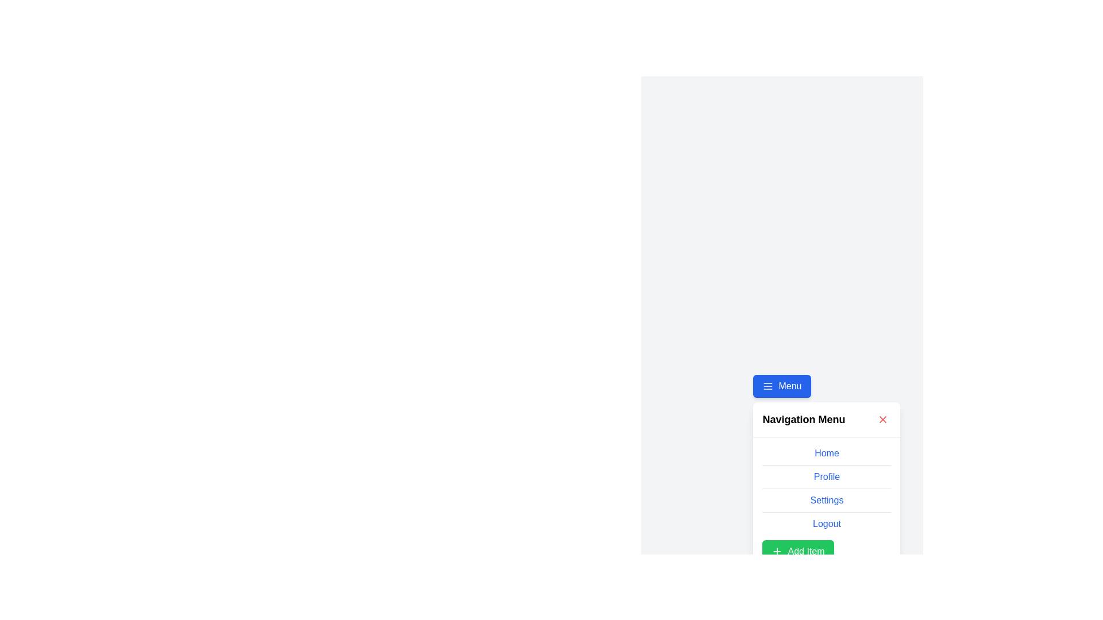 This screenshot has width=1103, height=620. I want to click on the 'Profile' item in the vertical list navigation menu located within the 'Navigation Menu' dropdown, so click(826, 489).